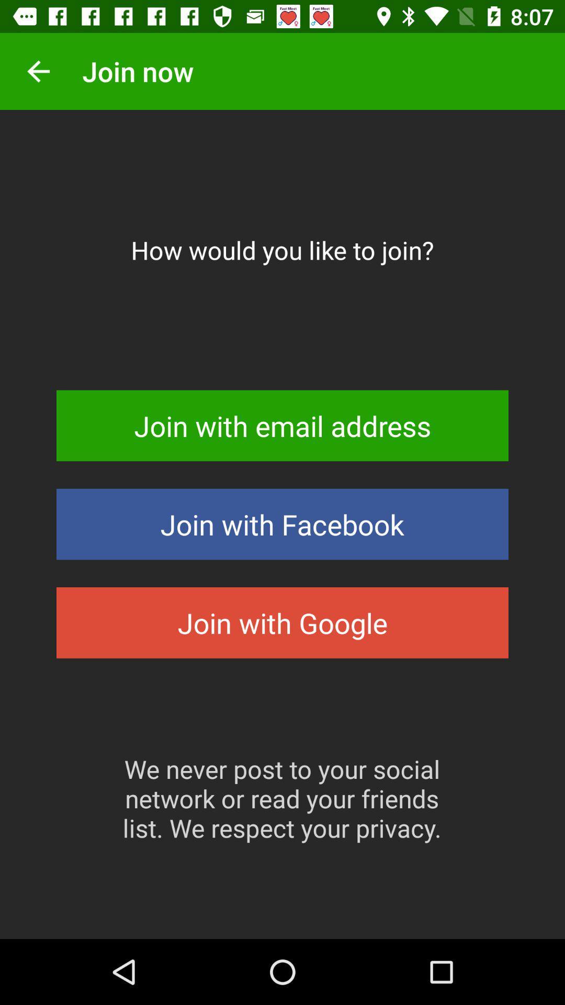 This screenshot has width=565, height=1005. Describe the element at coordinates (38, 71) in the screenshot. I see `the app above how would you app` at that location.